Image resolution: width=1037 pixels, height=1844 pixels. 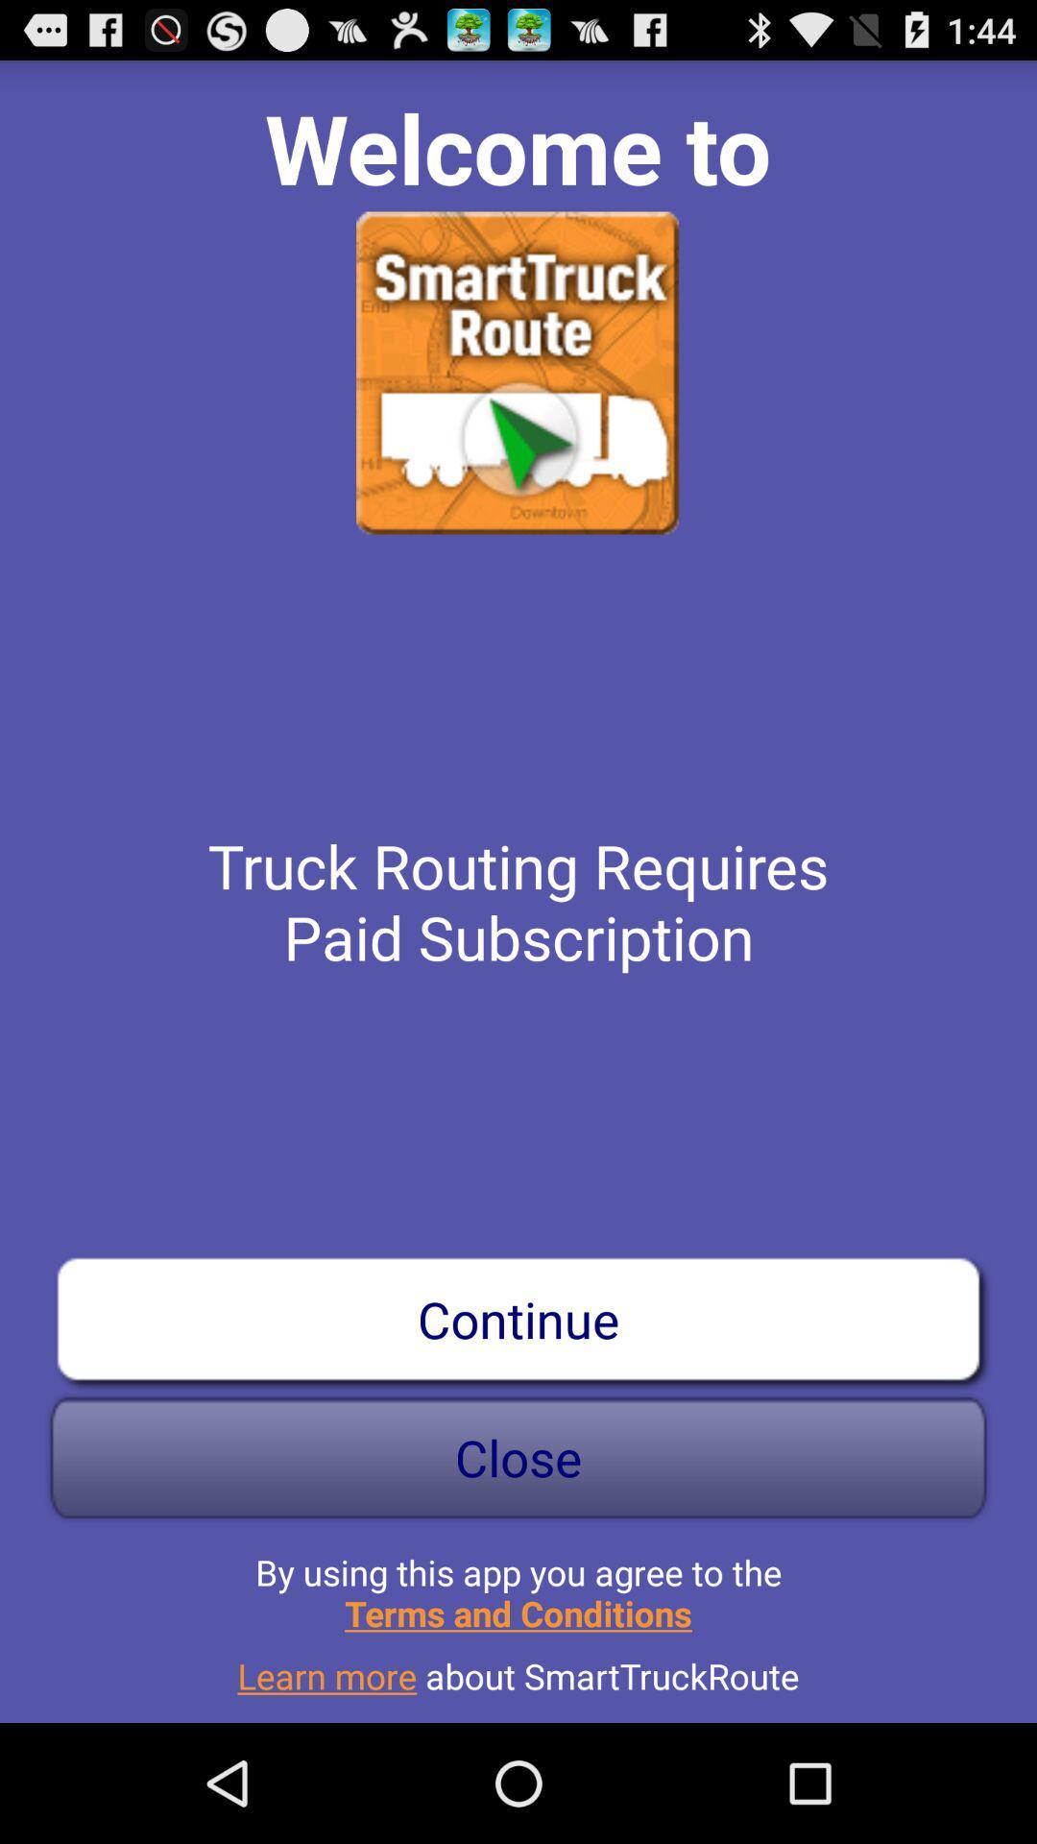 What do you see at coordinates (518, 1667) in the screenshot?
I see `the learn more about` at bounding box center [518, 1667].